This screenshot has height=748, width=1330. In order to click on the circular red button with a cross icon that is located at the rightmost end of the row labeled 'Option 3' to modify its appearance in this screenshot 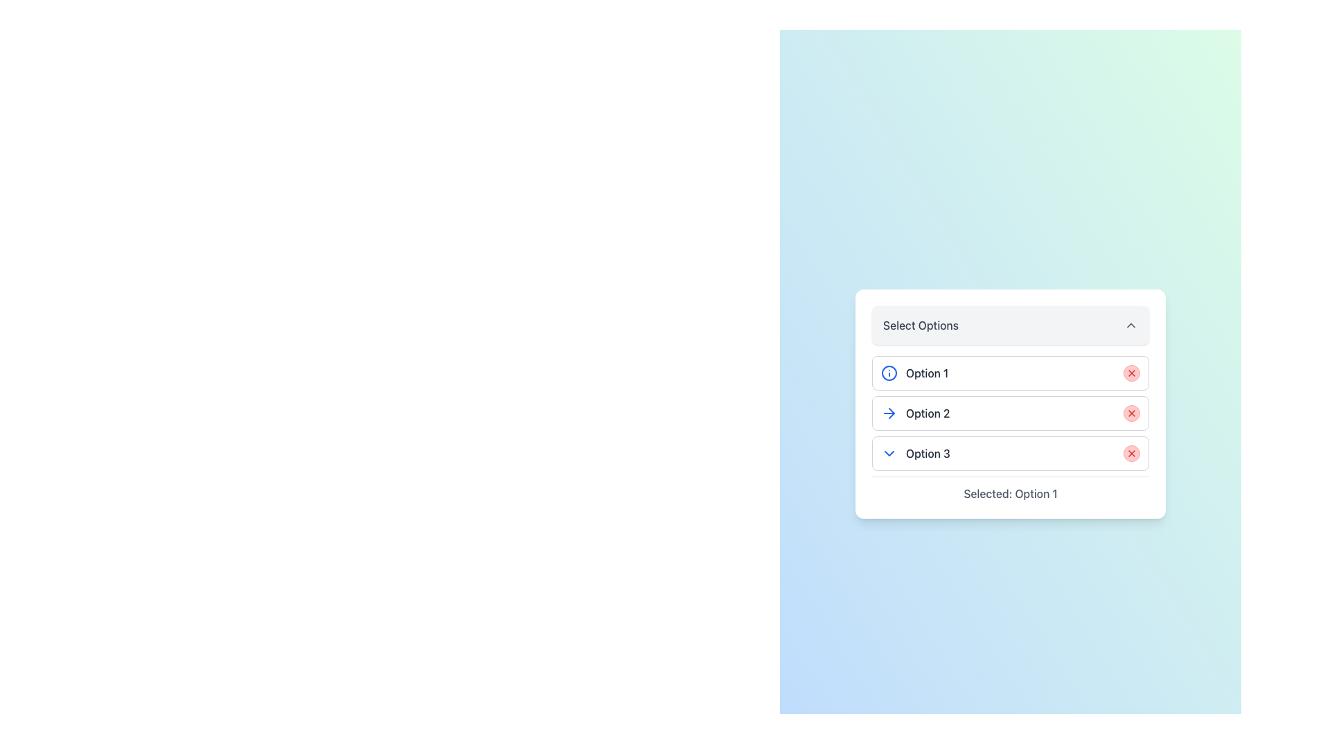, I will do `click(1131, 453)`.